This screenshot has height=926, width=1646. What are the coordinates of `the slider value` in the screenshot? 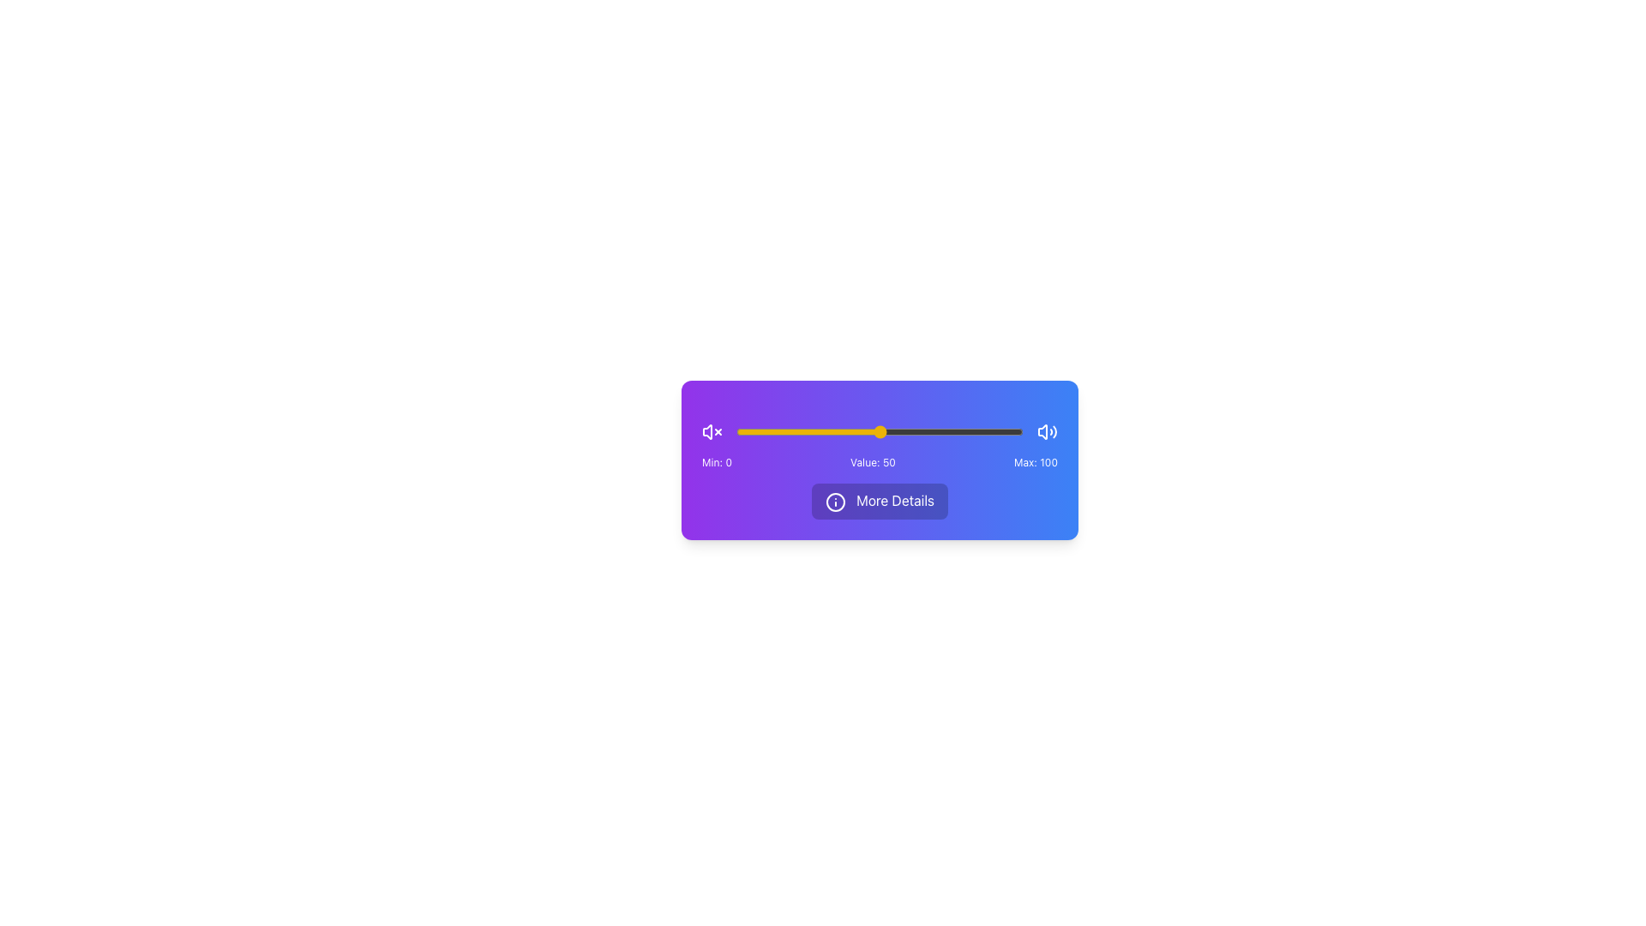 It's located at (888, 431).